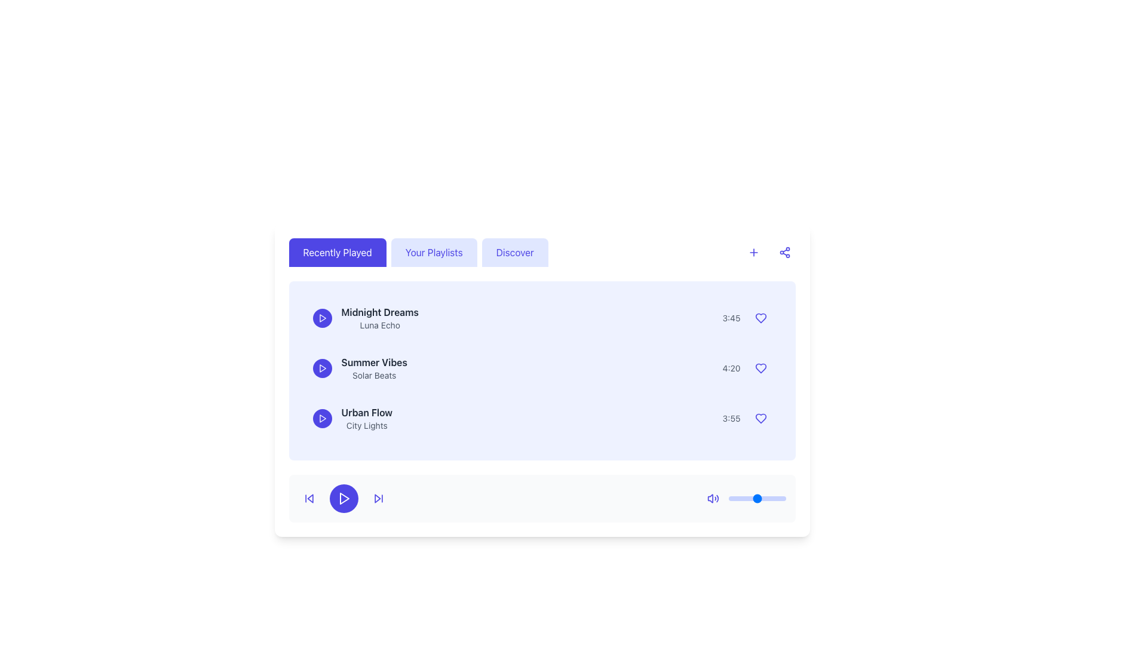  I want to click on the like or favorite button located to the right of the text '3:55' below the track listing 'Urban Flow', so click(760, 418).